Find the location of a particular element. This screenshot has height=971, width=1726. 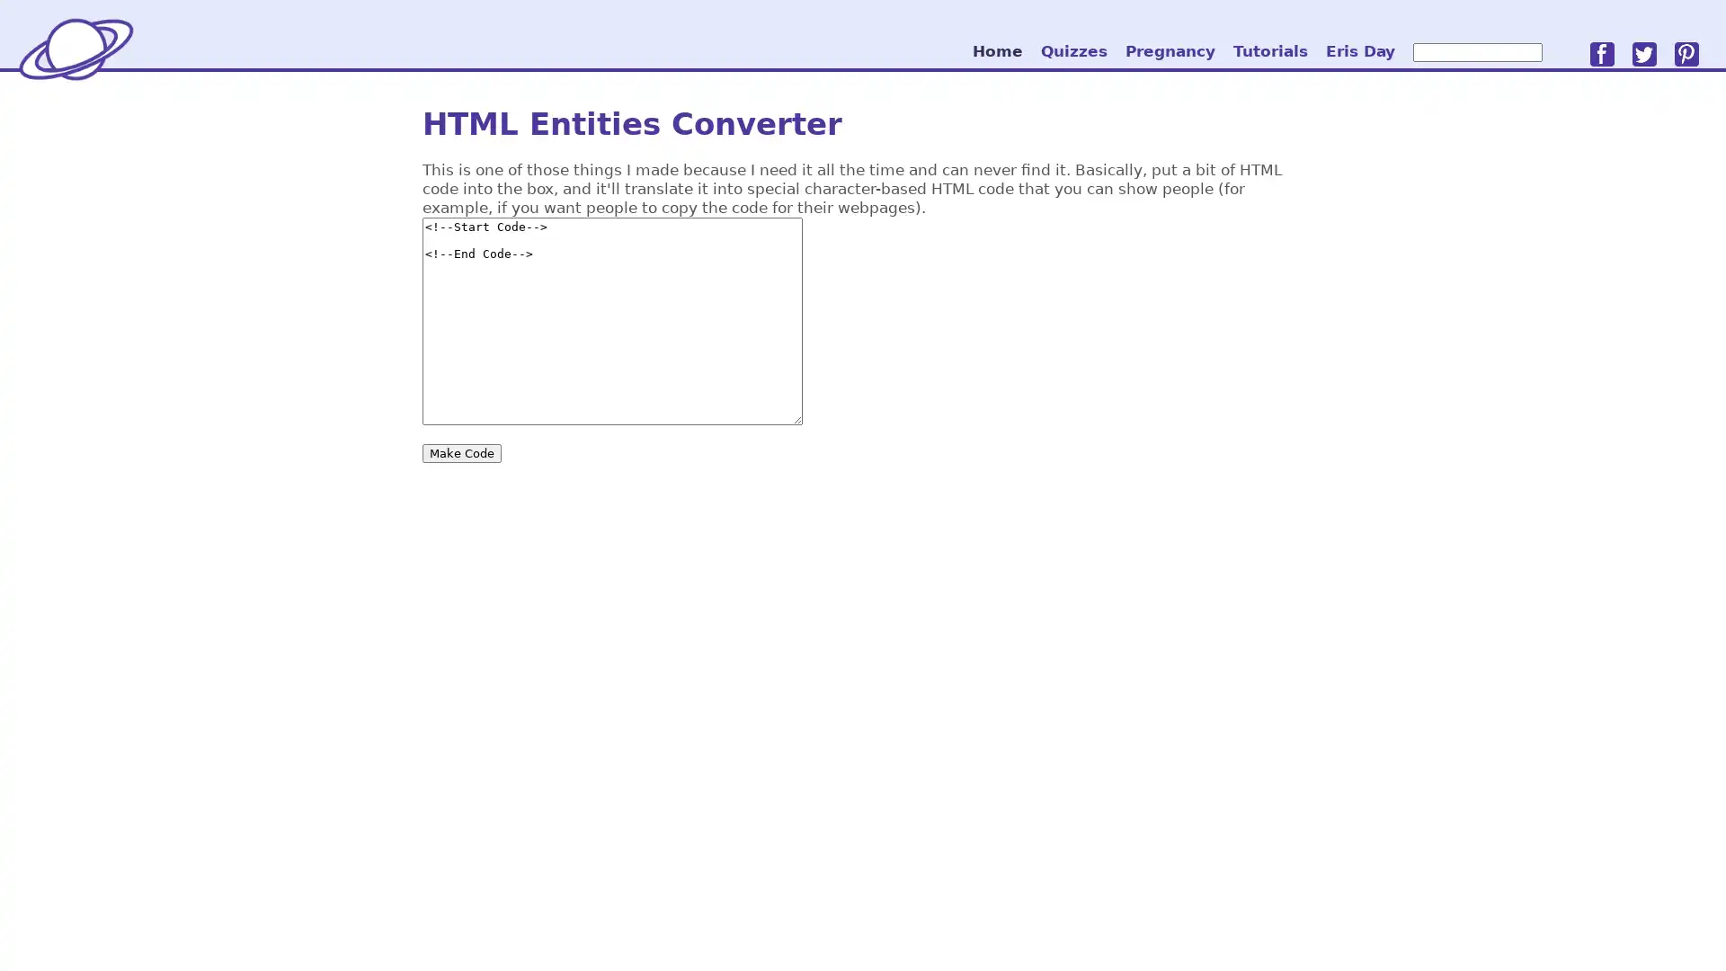

go is located at coordinates (1558, 50).